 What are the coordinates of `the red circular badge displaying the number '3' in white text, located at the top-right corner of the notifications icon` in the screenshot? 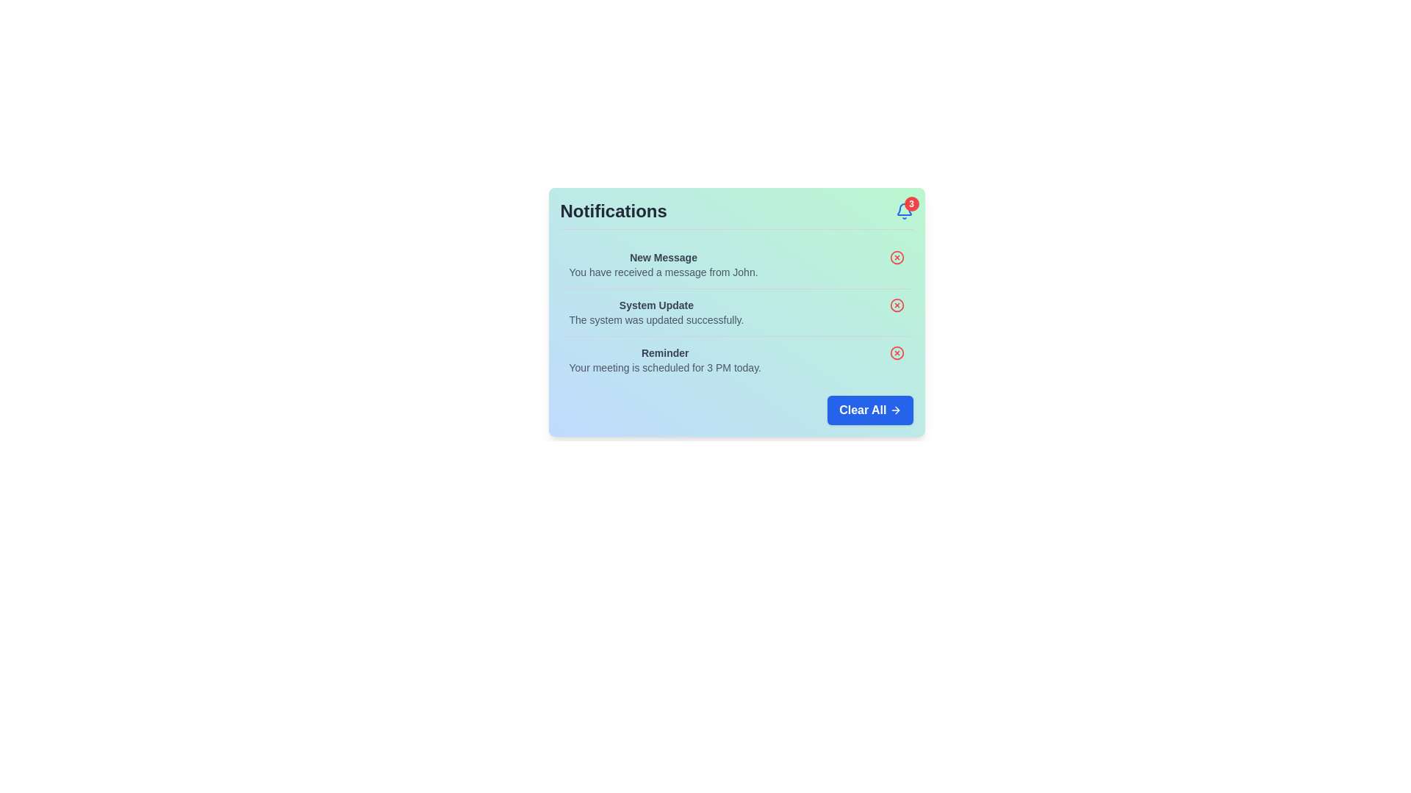 It's located at (911, 203).